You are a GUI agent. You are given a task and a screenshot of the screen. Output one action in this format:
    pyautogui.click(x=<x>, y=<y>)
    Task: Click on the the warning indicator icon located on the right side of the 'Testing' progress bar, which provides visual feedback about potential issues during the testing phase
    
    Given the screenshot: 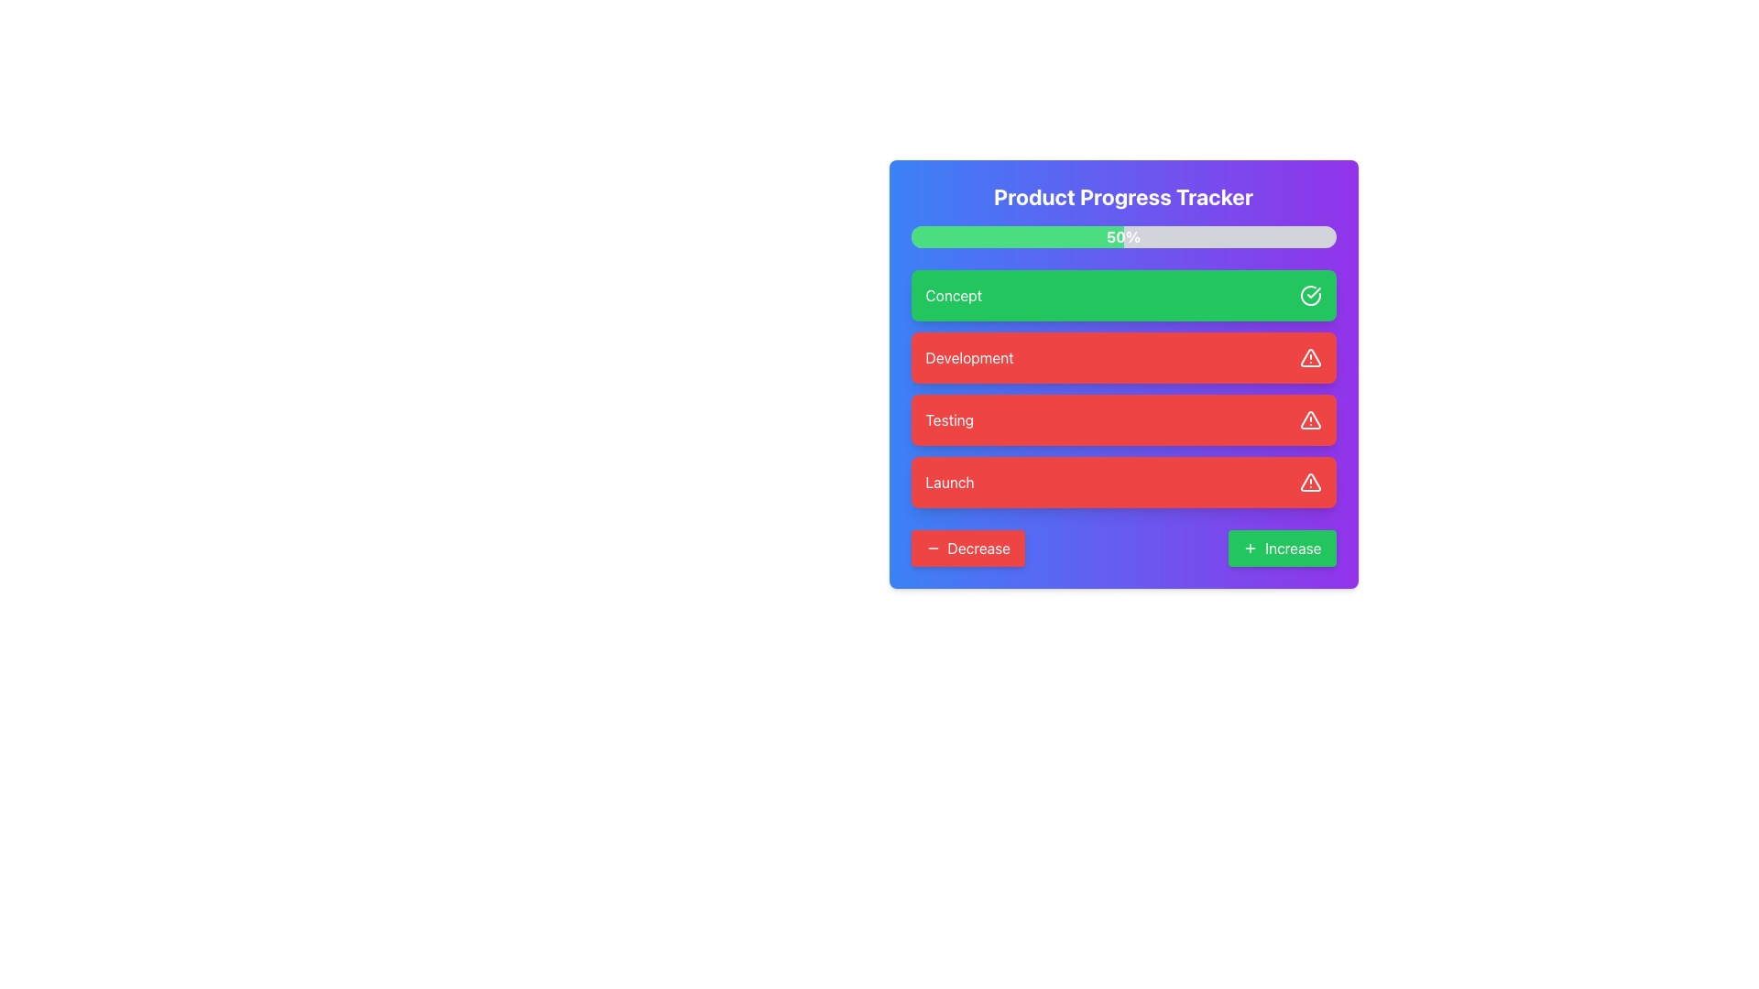 What is the action you would take?
    pyautogui.click(x=1309, y=419)
    